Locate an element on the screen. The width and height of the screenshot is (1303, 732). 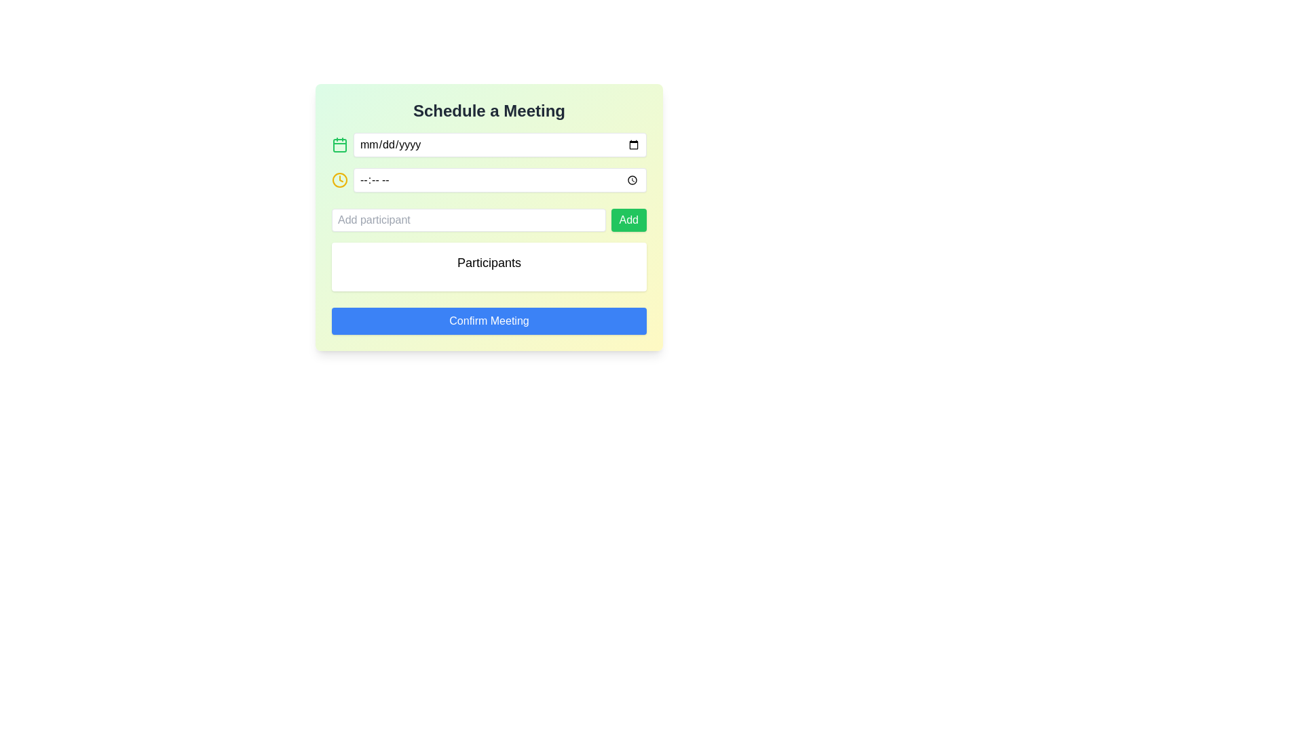
the combined date and time picker input fields located centrally within the meeting scheduling form, positioned below the title 'Schedule a Meeting' is located at coordinates (489, 161).